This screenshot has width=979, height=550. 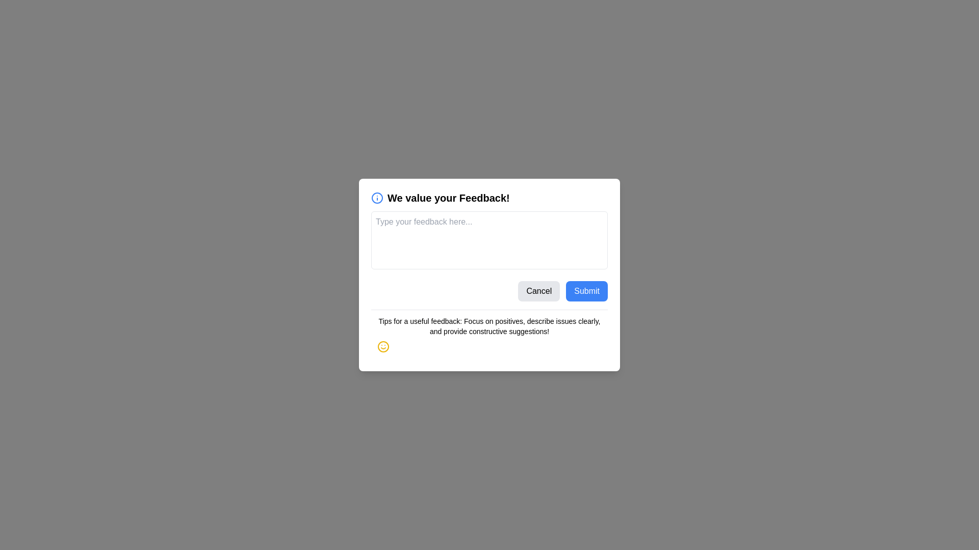 What do you see at coordinates (383, 346) in the screenshot?
I see `the smiling face icon below the tips` at bounding box center [383, 346].